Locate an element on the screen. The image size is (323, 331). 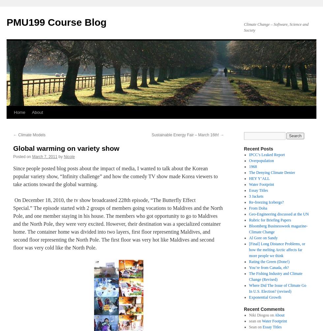
'Niki Diogou' is located at coordinates (249, 314).